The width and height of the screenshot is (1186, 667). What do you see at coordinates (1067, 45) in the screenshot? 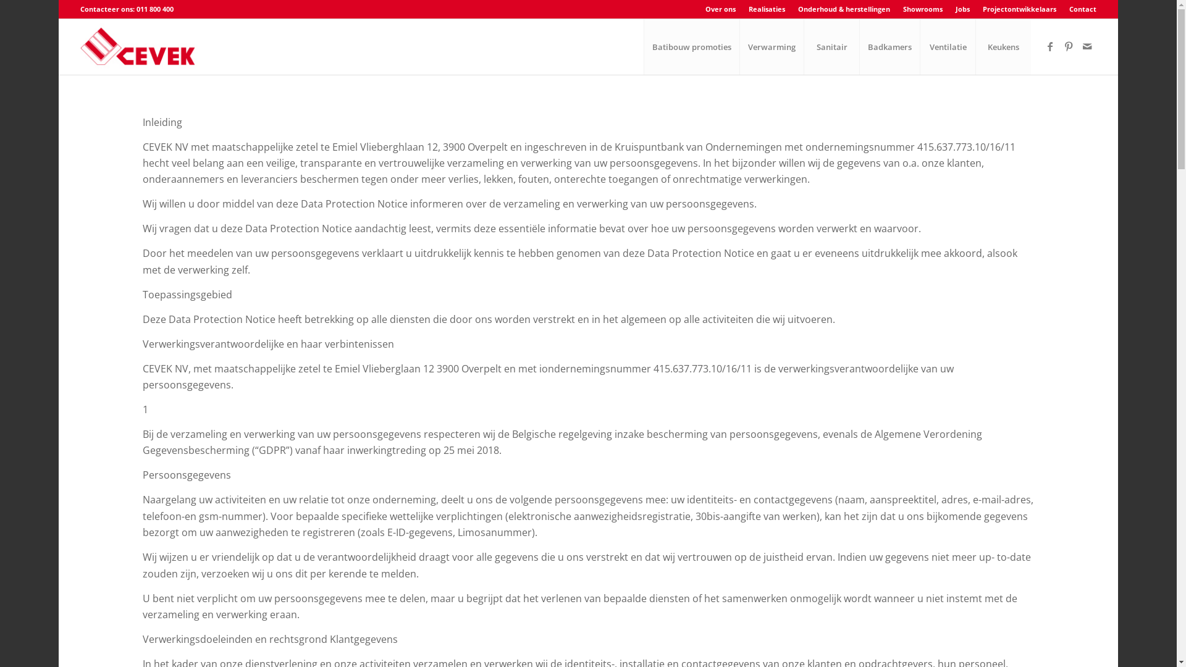
I see `'Pinterest'` at bounding box center [1067, 45].